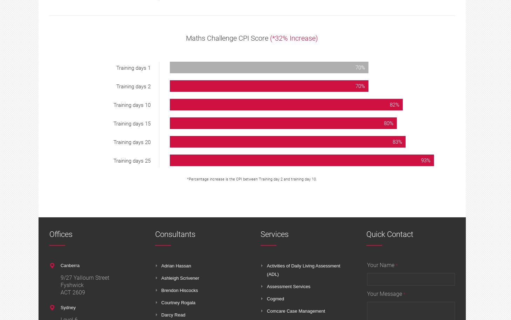 Image resolution: width=511 pixels, height=320 pixels. Describe the element at coordinates (132, 142) in the screenshot. I see `'Training days 20'` at that location.